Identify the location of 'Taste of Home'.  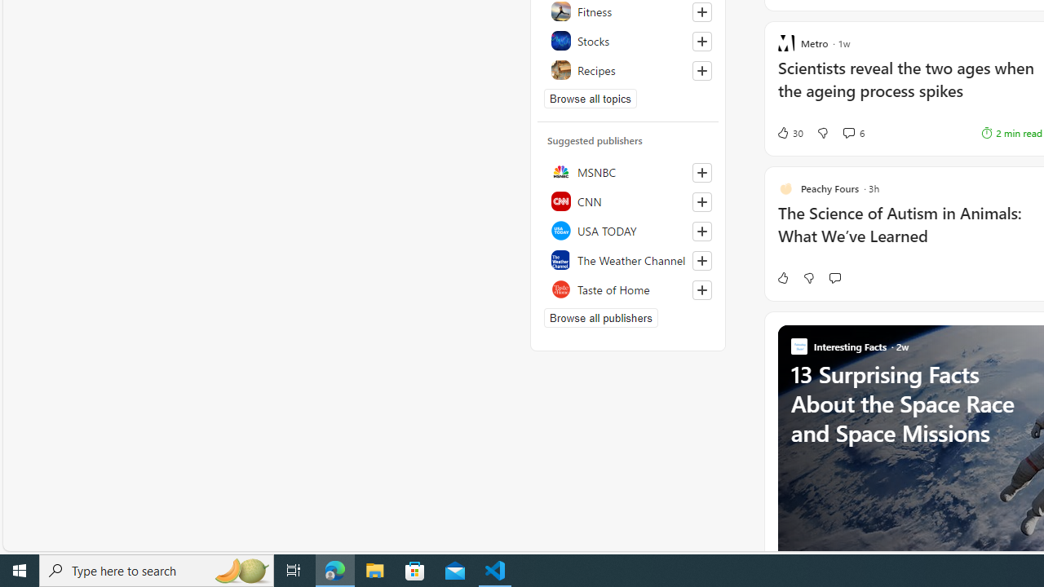
(627, 288).